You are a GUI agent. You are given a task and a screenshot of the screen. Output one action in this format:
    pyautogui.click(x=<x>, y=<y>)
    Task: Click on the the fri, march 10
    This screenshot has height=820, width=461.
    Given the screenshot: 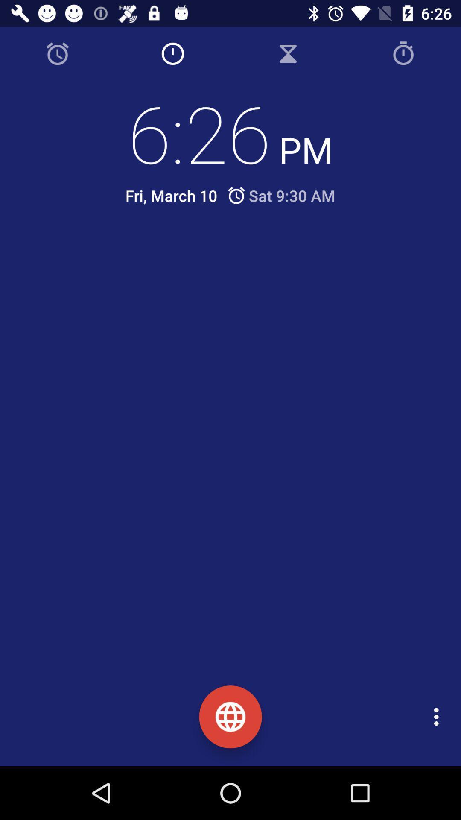 What is the action you would take?
    pyautogui.click(x=171, y=195)
    